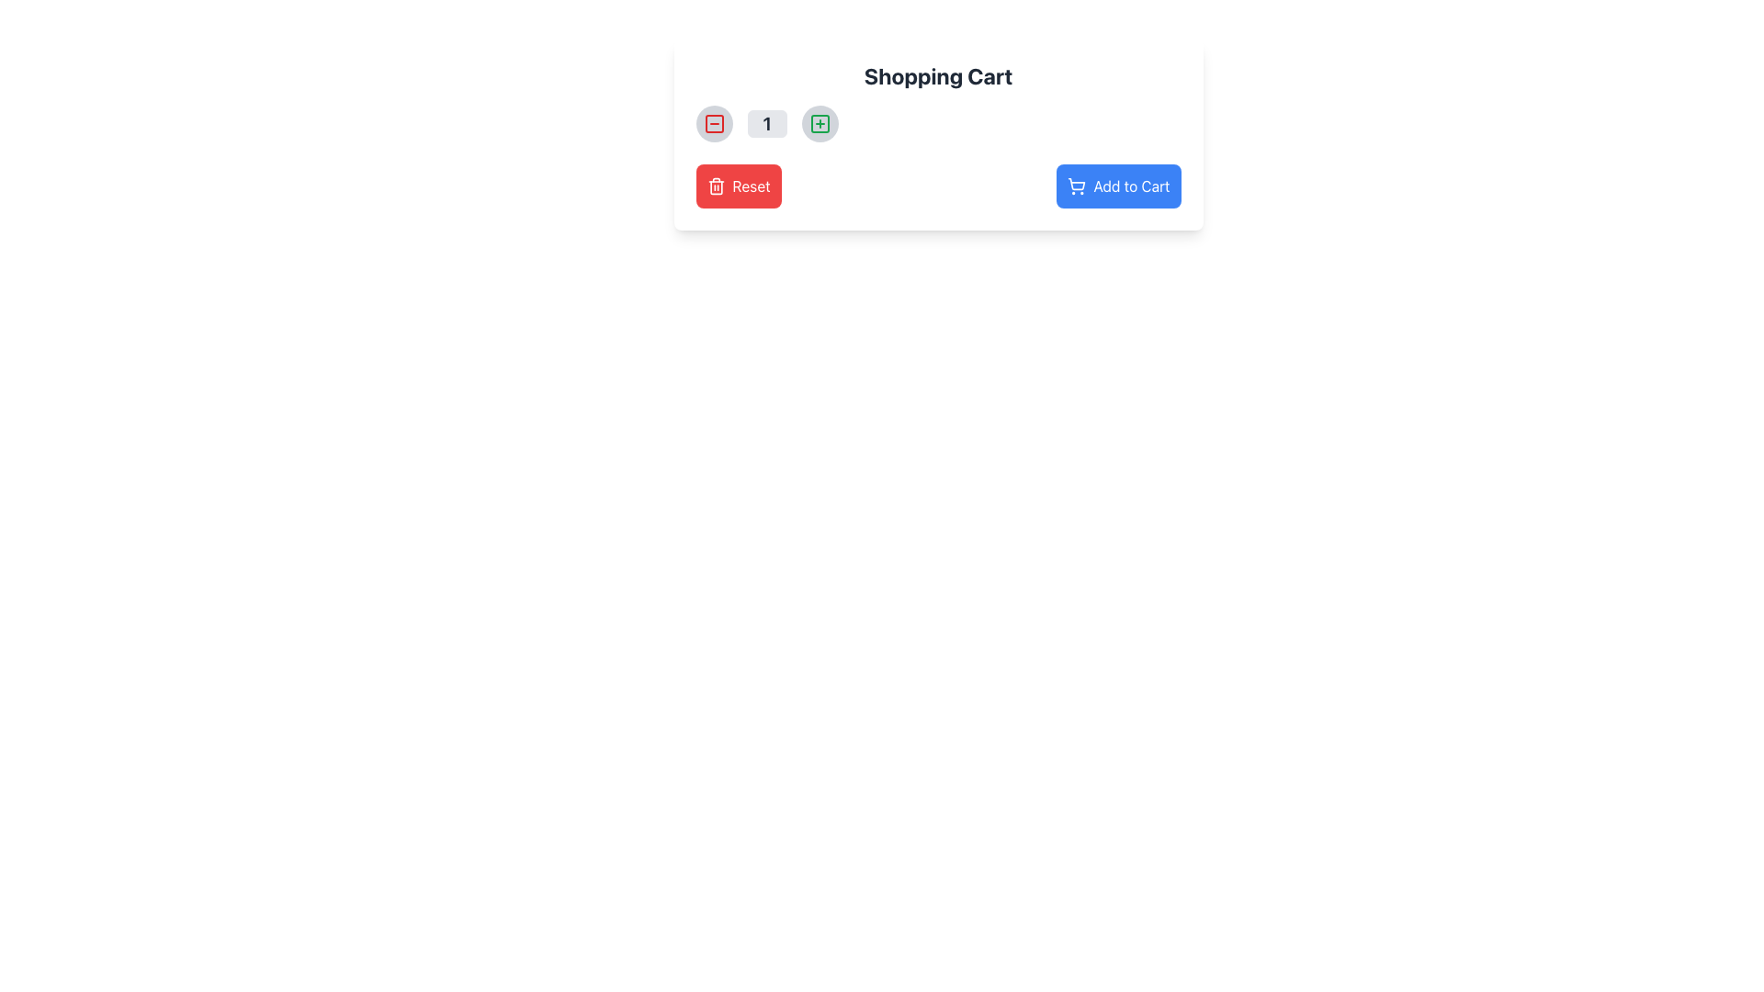 This screenshot has height=992, width=1764. Describe the element at coordinates (713, 124) in the screenshot. I see `the 'decrease quantity' button located to the left of the numeric display in the shopping cart interface` at that location.